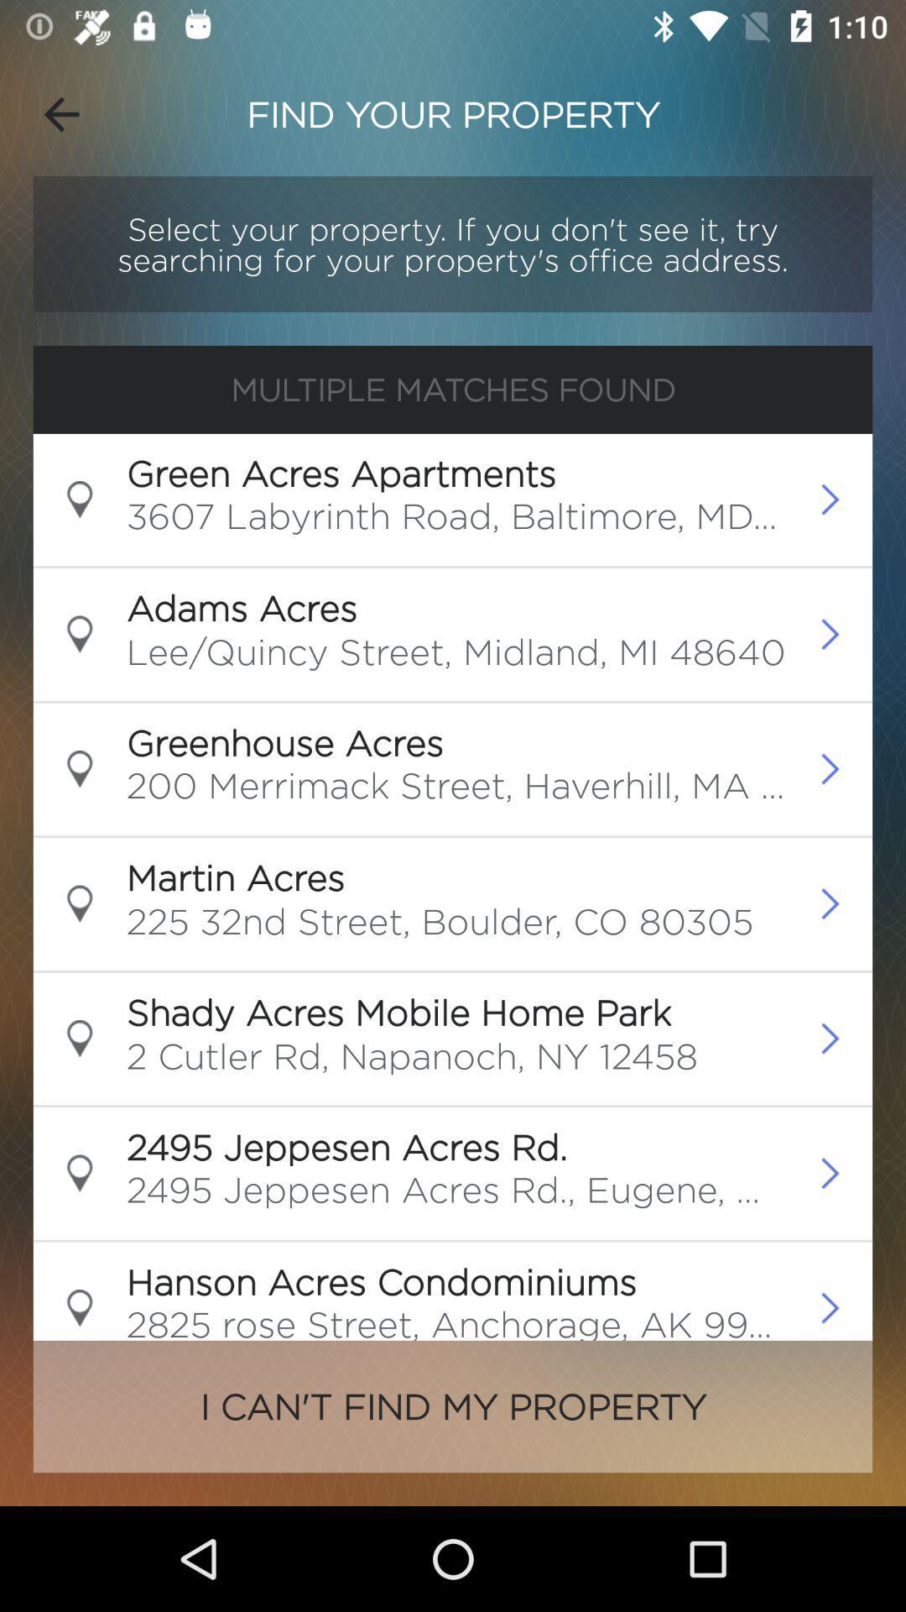 The width and height of the screenshot is (906, 1612). What do you see at coordinates (235, 877) in the screenshot?
I see `app above 225 32nd street icon` at bounding box center [235, 877].